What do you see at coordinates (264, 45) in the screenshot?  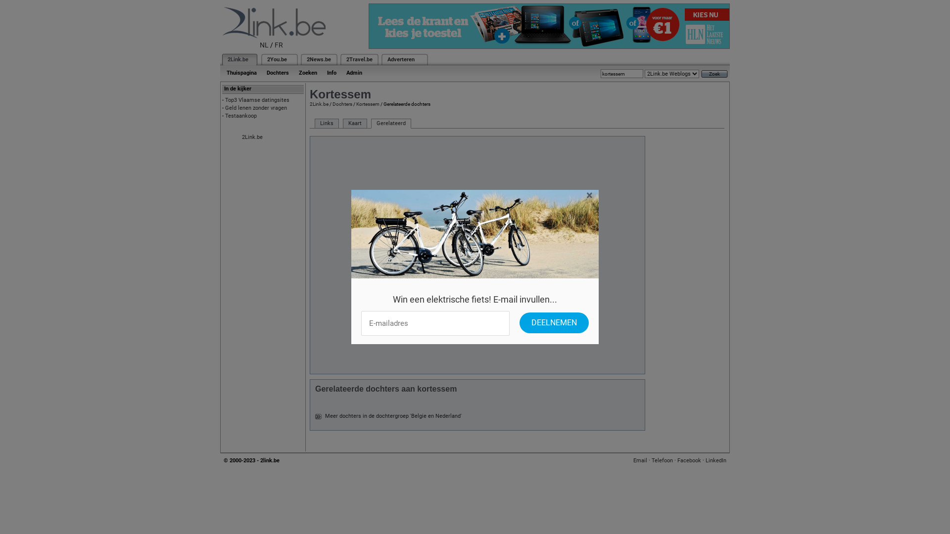 I see `'NL'` at bounding box center [264, 45].